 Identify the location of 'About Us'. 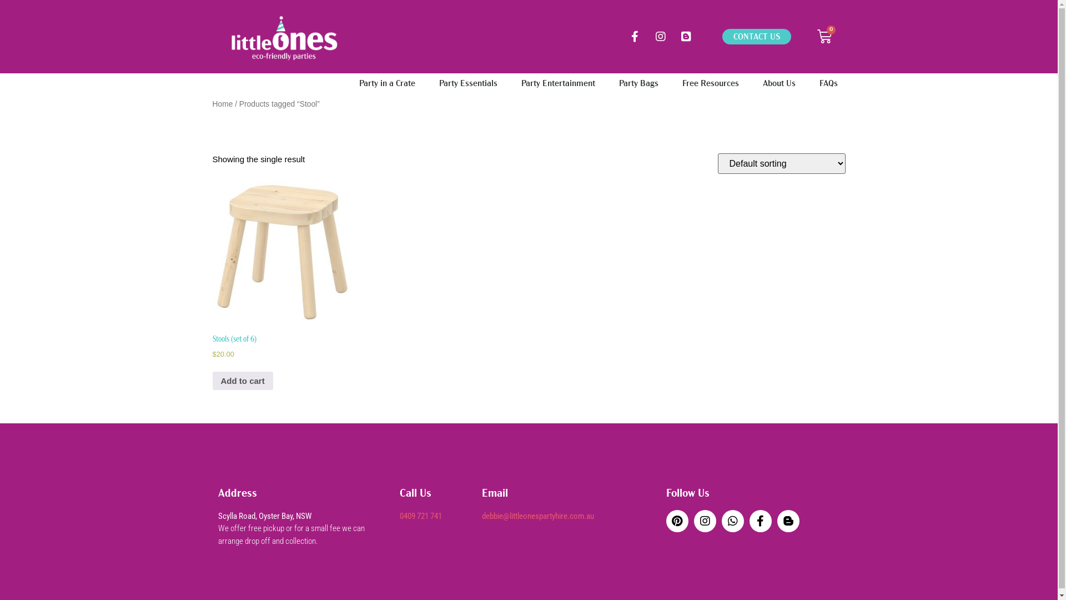
(778, 83).